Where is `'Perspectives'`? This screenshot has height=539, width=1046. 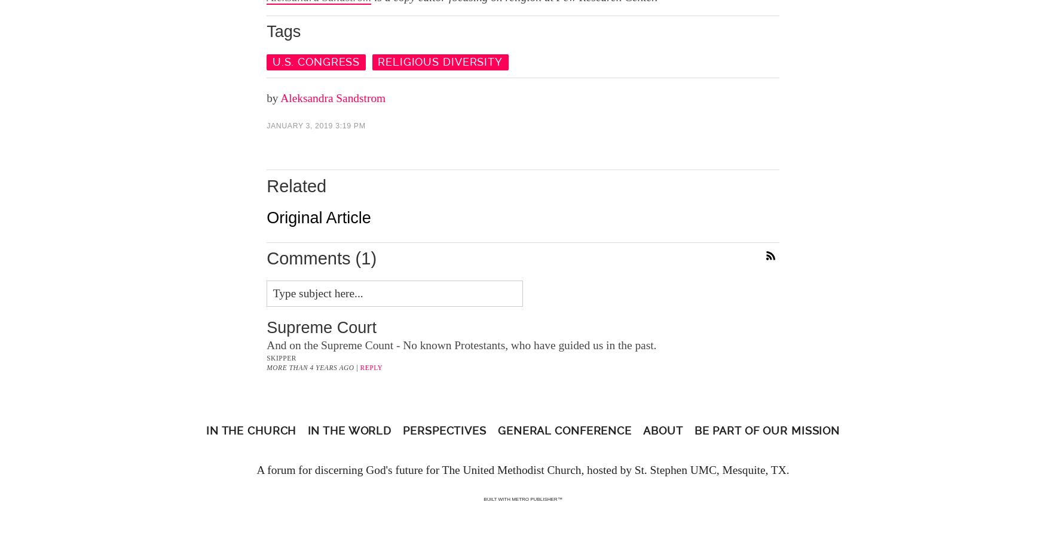
'Perspectives' is located at coordinates (402, 430).